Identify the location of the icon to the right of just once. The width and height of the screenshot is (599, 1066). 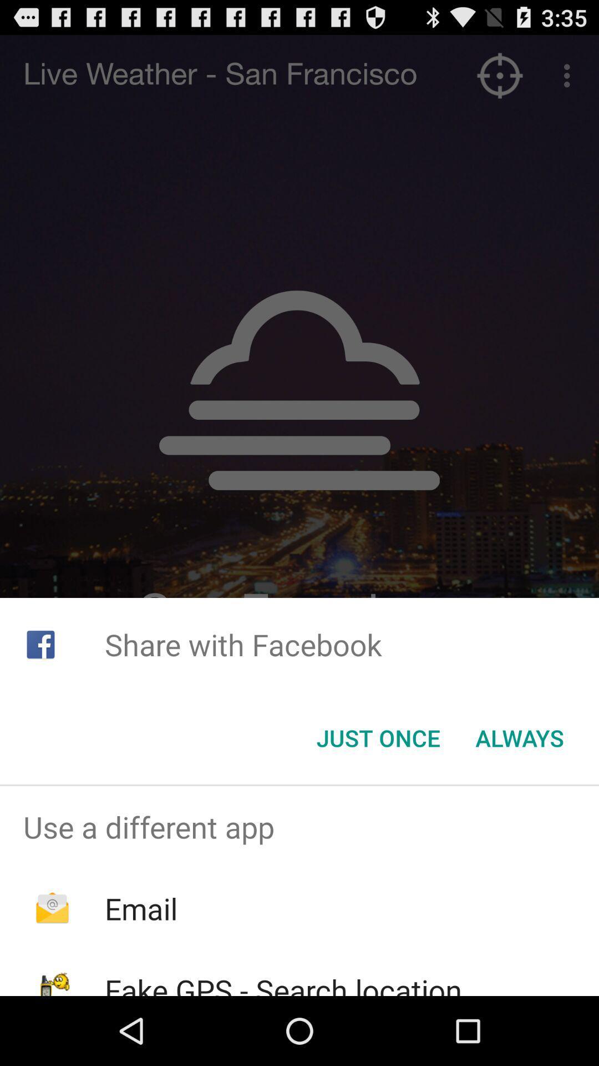
(520, 738).